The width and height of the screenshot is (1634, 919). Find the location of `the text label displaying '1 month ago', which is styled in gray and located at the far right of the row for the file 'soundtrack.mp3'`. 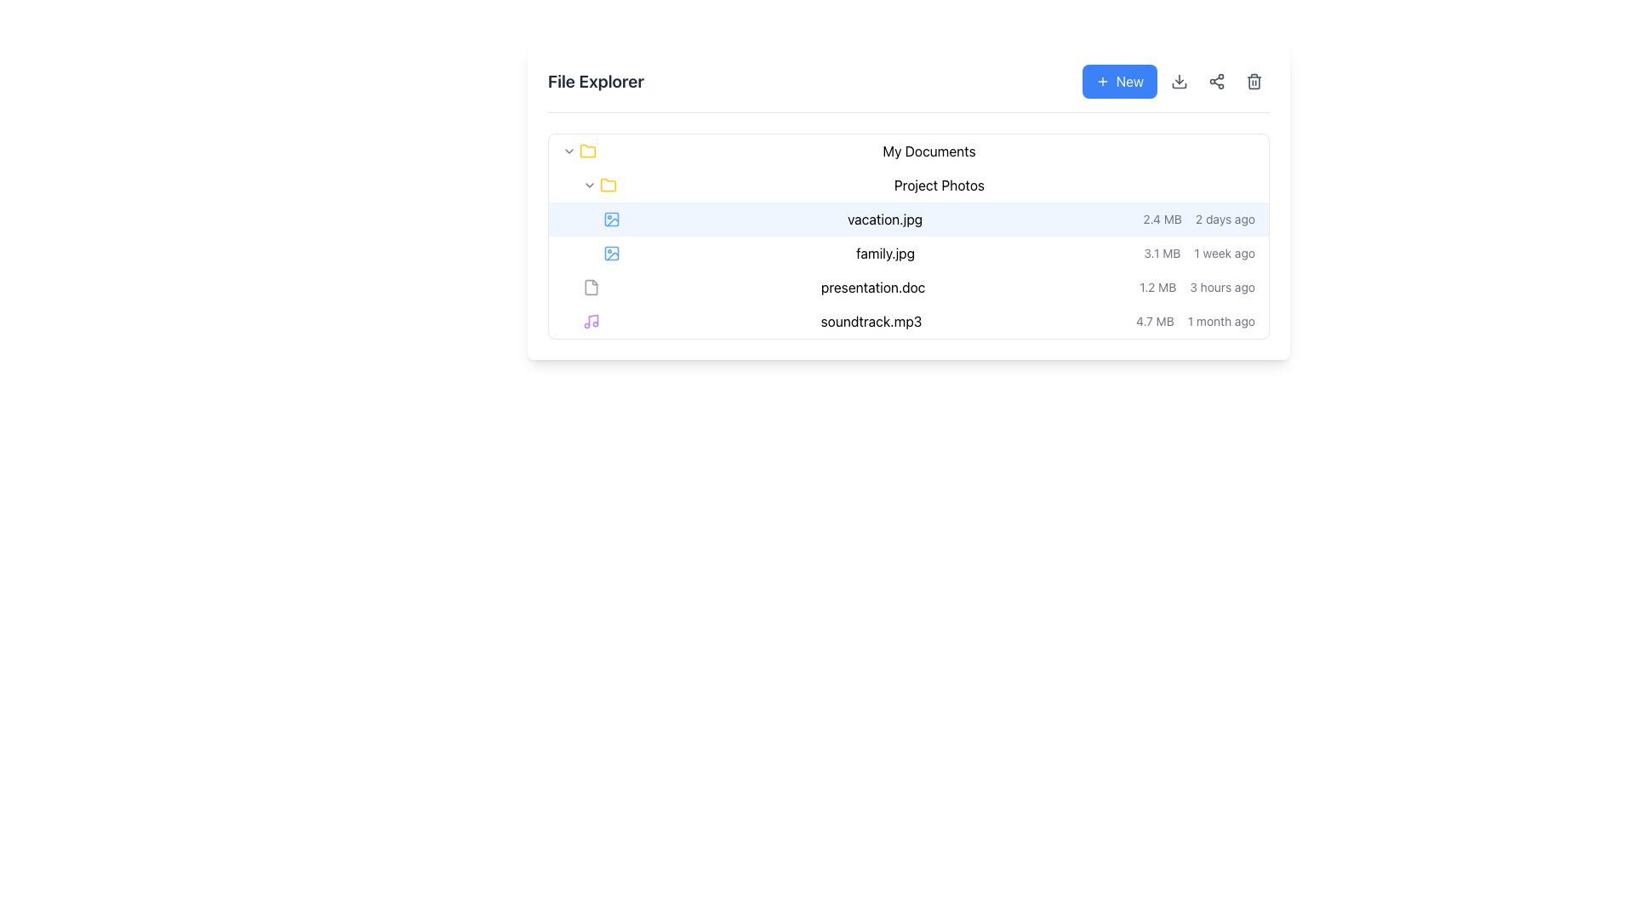

the text label displaying '1 month ago', which is styled in gray and located at the far right of the row for the file 'soundtrack.mp3' is located at coordinates (1220, 322).